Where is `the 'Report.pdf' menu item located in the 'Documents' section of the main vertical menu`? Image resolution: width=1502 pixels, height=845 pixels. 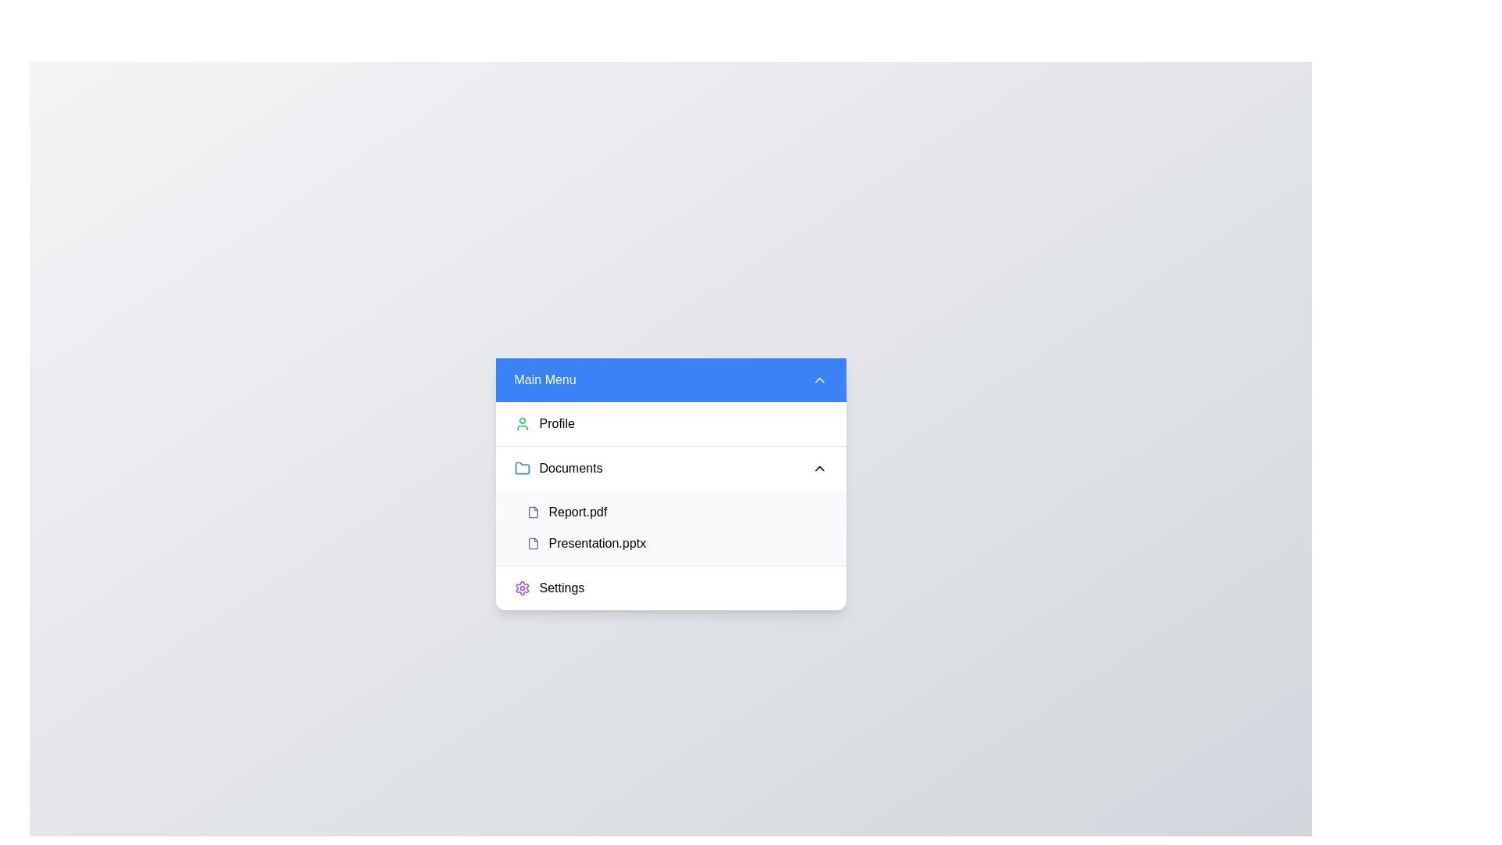 the 'Report.pdf' menu item located in the 'Documents' section of the main vertical menu is located at coordinates (670, 505).